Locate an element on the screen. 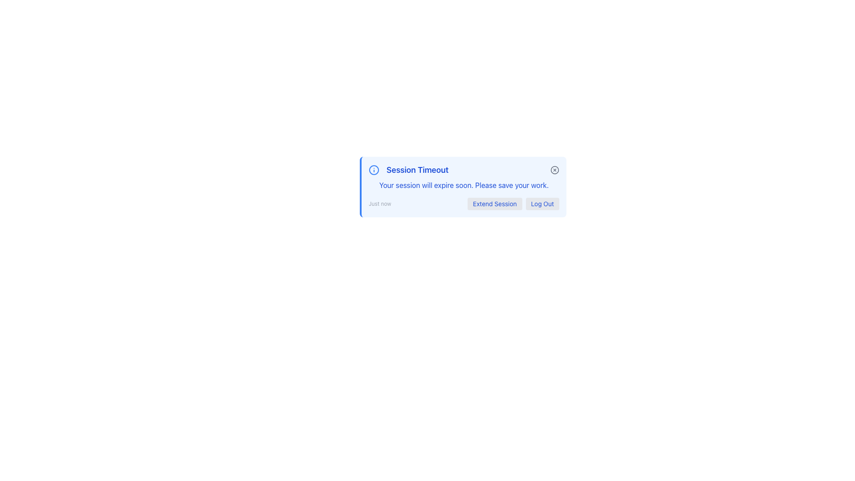 The width and height of the screenshot is (855, 481). the circular graphic component located in the top-right corner of the 'Session Timeout' dialog box, which has a noticeable border is located at coordinates (554, 170).